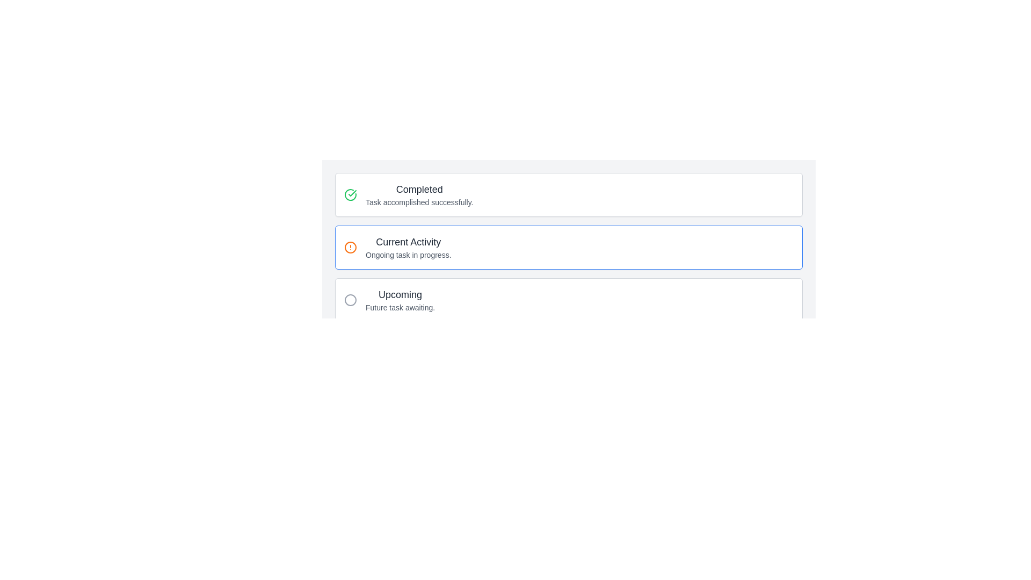 Image resolution: width=1031 pixels, height=580 pixels. I want to click on the green circular icon with a checkmark that signifies a completed action, located next to the text 'Completed Task accomplished successfully', so click(350, 194).